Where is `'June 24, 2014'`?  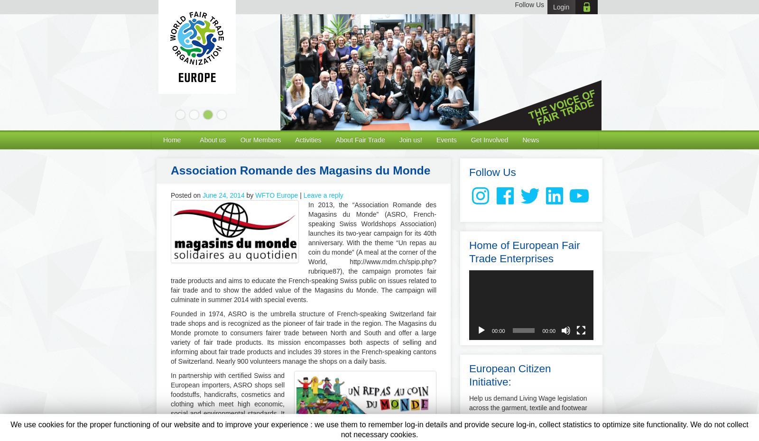 'June 24, 2014' is located at coordinates (222, 195).